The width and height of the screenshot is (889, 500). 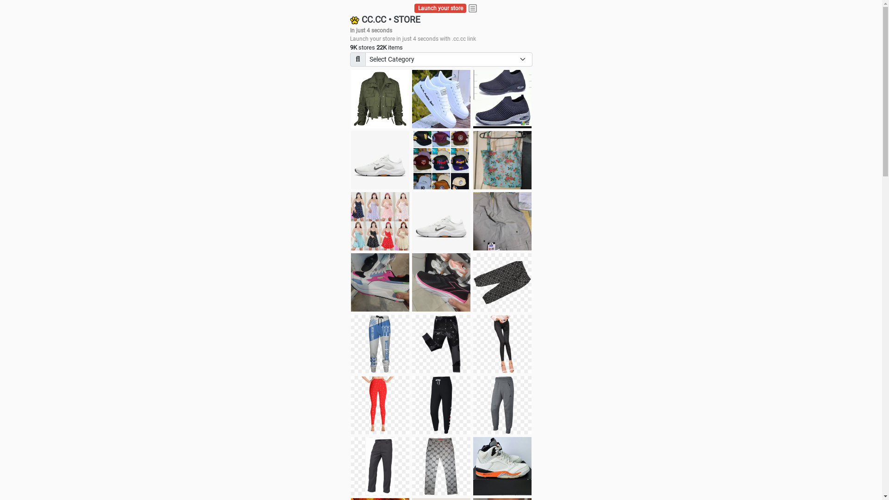 What do you see at coordinates (501, 466) in the screenshot?
I see `'Shoe'` at bounding box center [501, 466].